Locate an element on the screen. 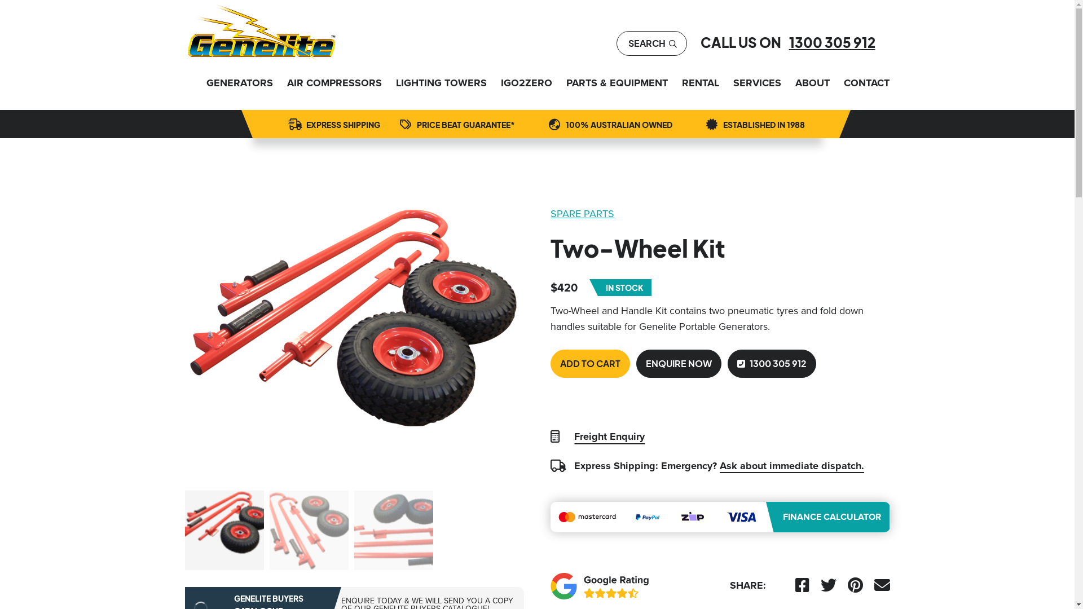 The height and width of the screenshot is (609, 1083). 'ADD TO CART' is located at coordinates (589, 363).